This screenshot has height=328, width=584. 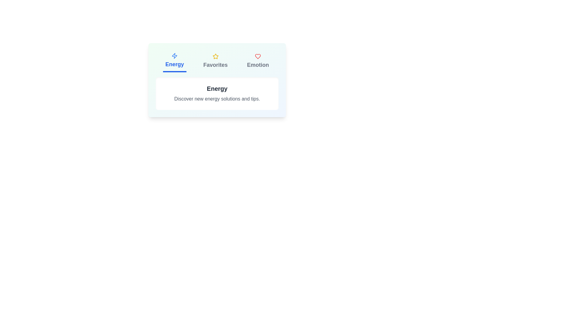 What do you see at coordinates (215, 61) in the screenshot?
I see `the Favorites tab by clicking on it` at bounding box center [215, 61].